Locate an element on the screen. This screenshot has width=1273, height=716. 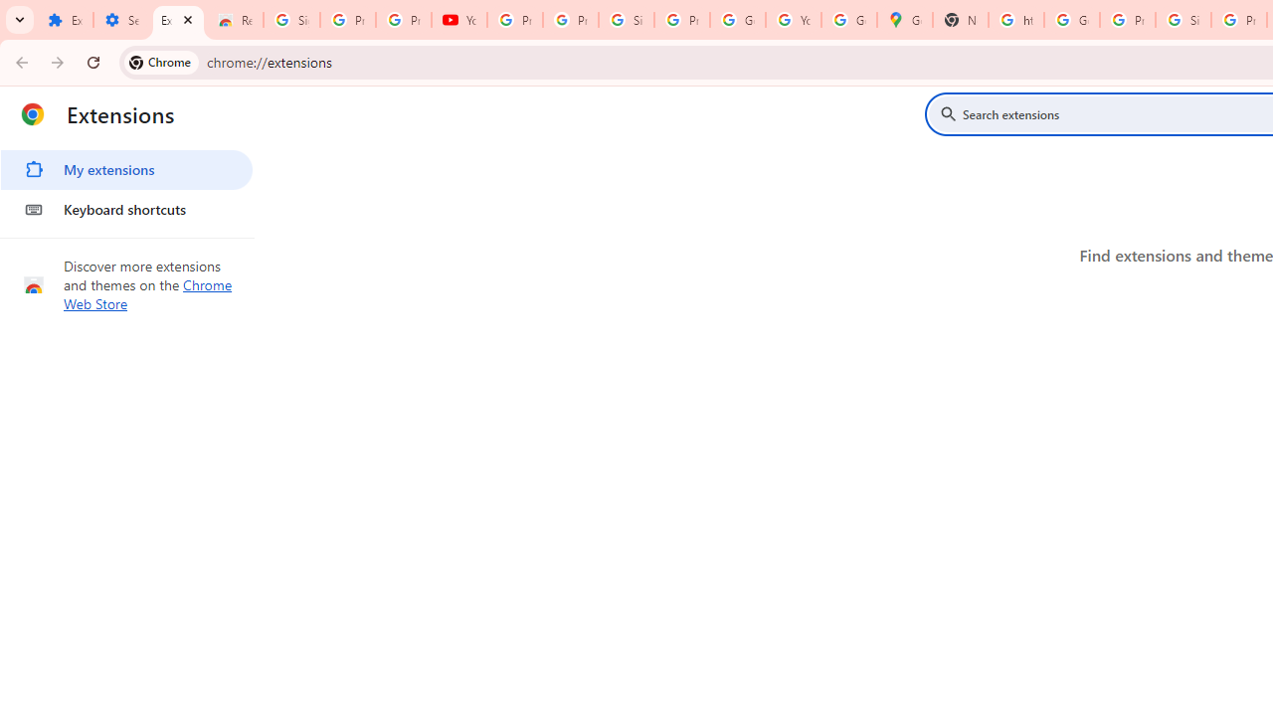
'Reviews: Helix Fruit Jump Arcade Game' is located at coordinates (235, 20).